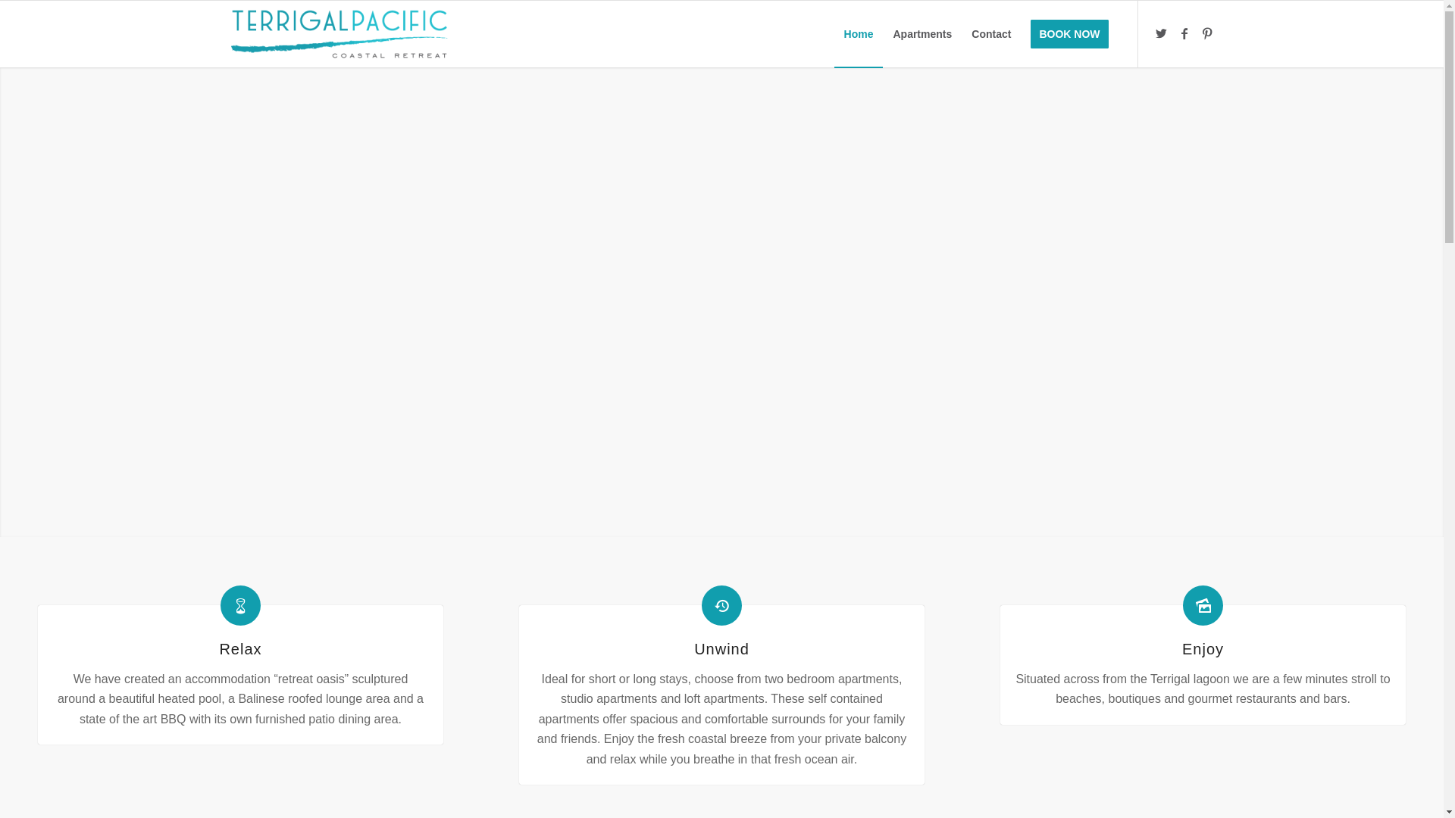 The image size is (1455, 818). I want to click on 'Contact', so click(990, 34).